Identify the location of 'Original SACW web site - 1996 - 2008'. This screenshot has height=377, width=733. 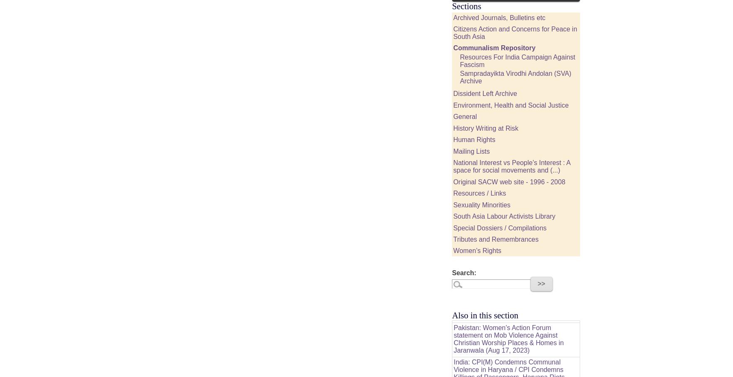
(509, 181).